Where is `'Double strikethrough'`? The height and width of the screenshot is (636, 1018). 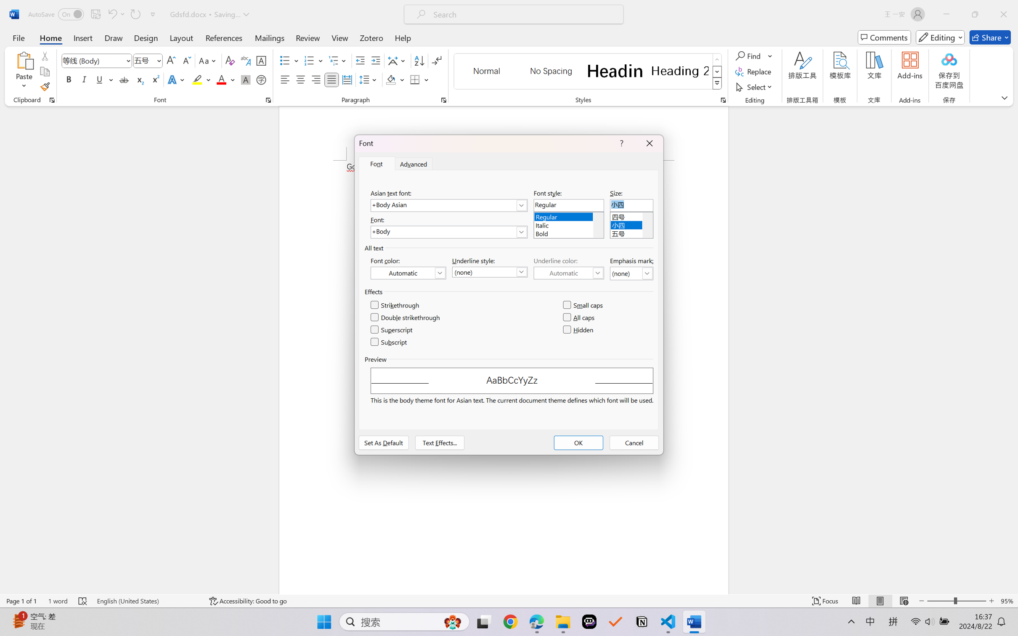 'Double strikethrough' is located at coordinates (406, 317).